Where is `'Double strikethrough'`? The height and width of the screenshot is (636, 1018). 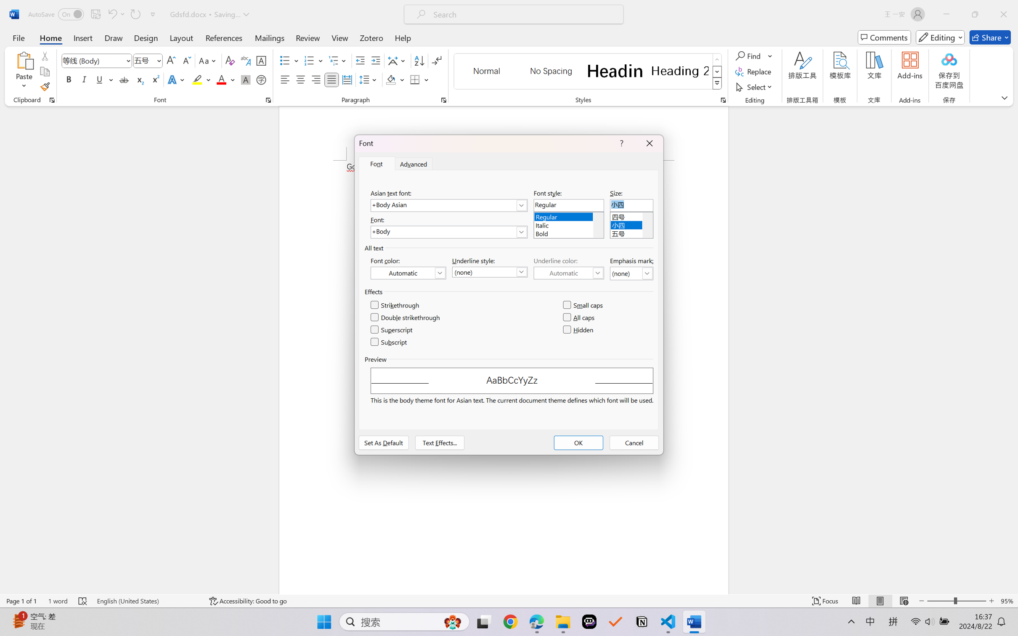 'Double strikethrough' is located at coordinates (406, 317).